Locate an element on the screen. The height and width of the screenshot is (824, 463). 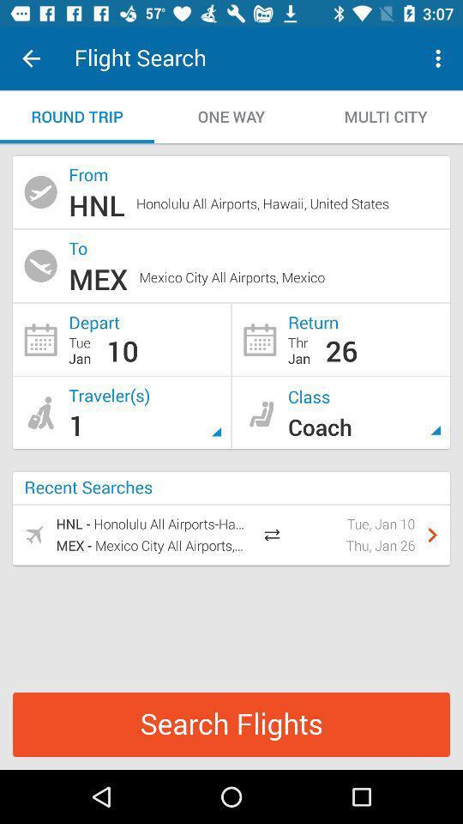
the icon next to flight search is located at coordinates (31, 58).